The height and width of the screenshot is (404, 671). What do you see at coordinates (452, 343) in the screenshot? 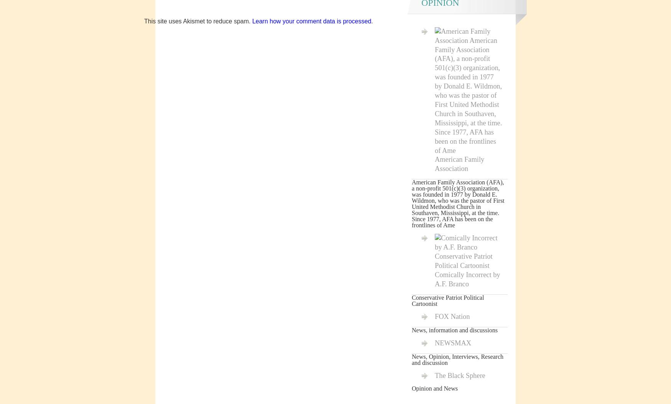
I see `'NEWSMAX'` at bounding box center [452, 343].